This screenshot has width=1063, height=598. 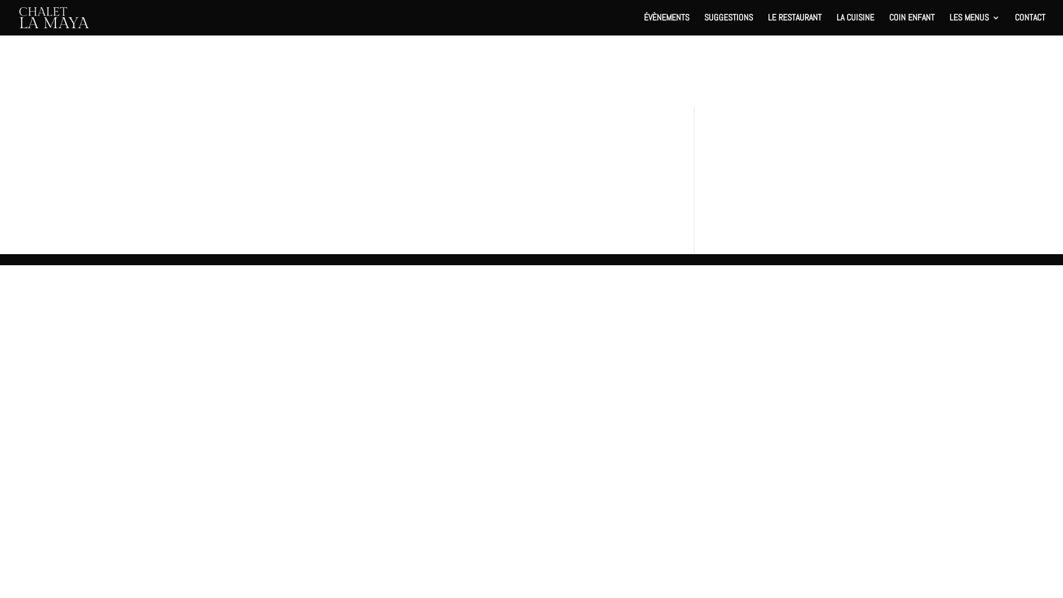 What do you see at coordinates (911, 24) in the screenshot?
I see `'COIN ENFANT'` at bounding box center [911, 24].